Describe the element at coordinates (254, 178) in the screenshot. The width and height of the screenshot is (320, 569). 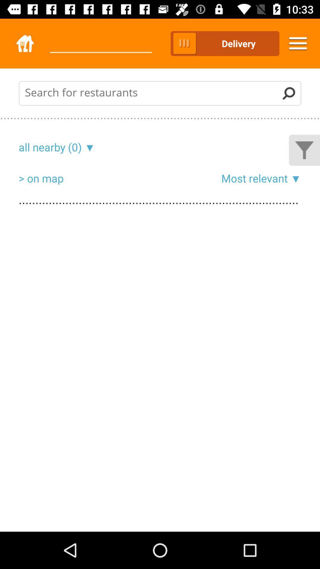
I see `item above .................................................................................................................................................................................................................................................................................................................................................................................................................................................................................................... icon` at that location.